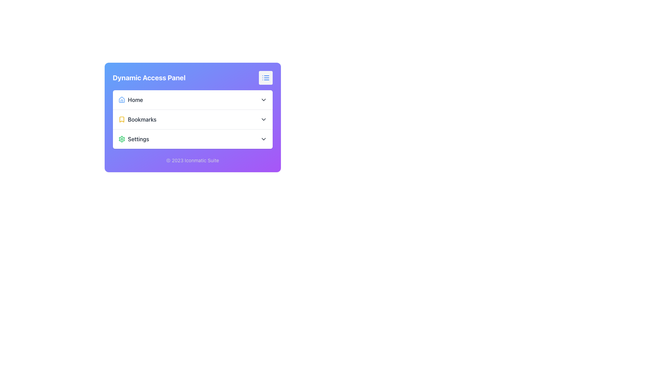 This screenshot has width=661, height=372. Describe the element at coordinates (122, 119) in the screenshot. I see `the yellow bookmark-like icon located to the left of the 'Bookmarks' label in the second row of the list` at that location.